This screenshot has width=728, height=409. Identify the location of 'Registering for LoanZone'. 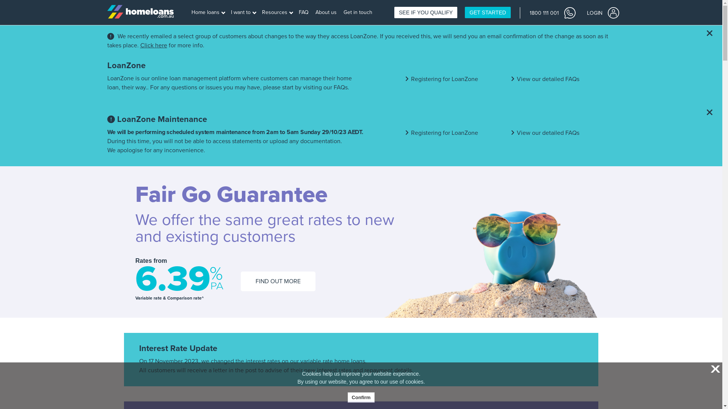
(444, 79).